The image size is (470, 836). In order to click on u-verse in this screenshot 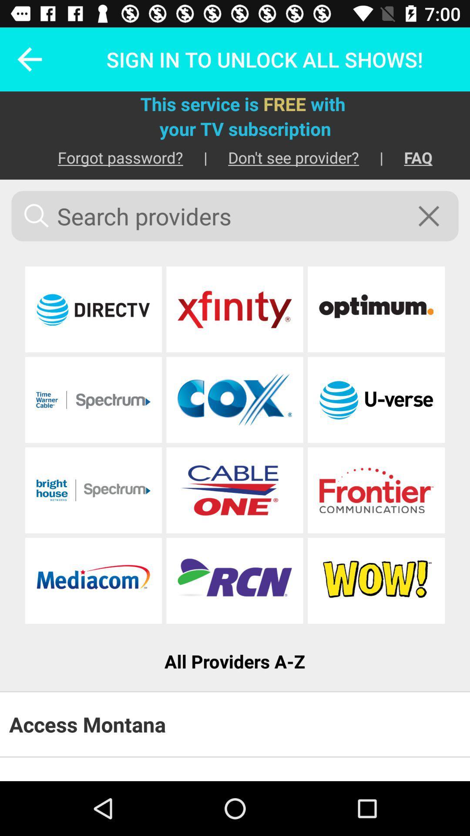, I will do `click(376, 399)`.